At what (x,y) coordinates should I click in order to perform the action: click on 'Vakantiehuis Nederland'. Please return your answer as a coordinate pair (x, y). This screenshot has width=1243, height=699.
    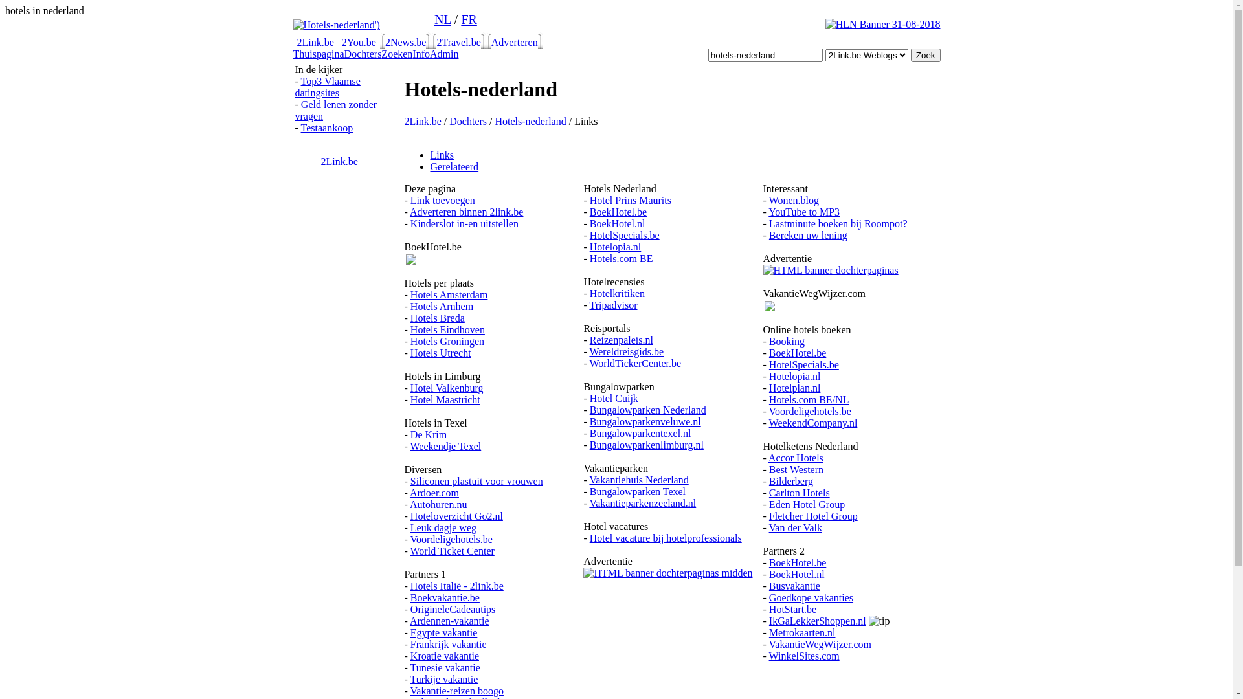
    Looking at the image, I should click on (638, 480).